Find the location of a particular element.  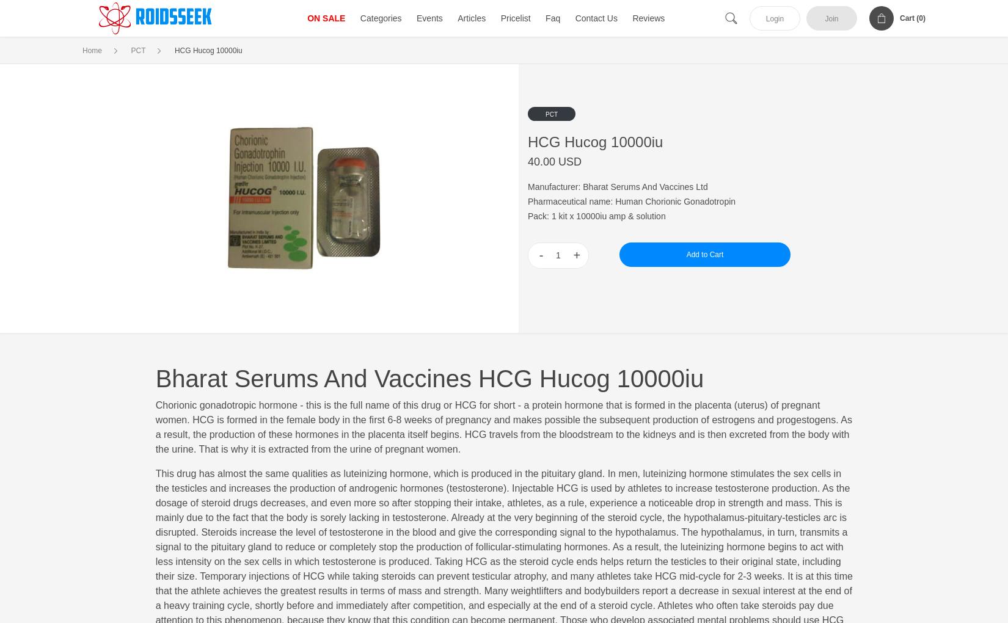

'Login' is located at coordinates (774, 18).